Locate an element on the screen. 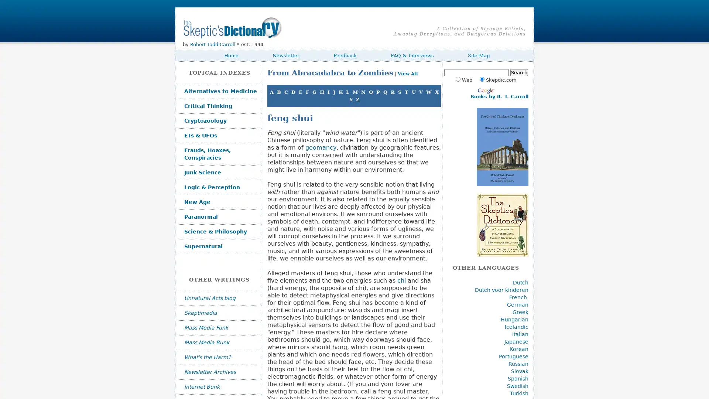  Search is located at coordinates (518, 72).